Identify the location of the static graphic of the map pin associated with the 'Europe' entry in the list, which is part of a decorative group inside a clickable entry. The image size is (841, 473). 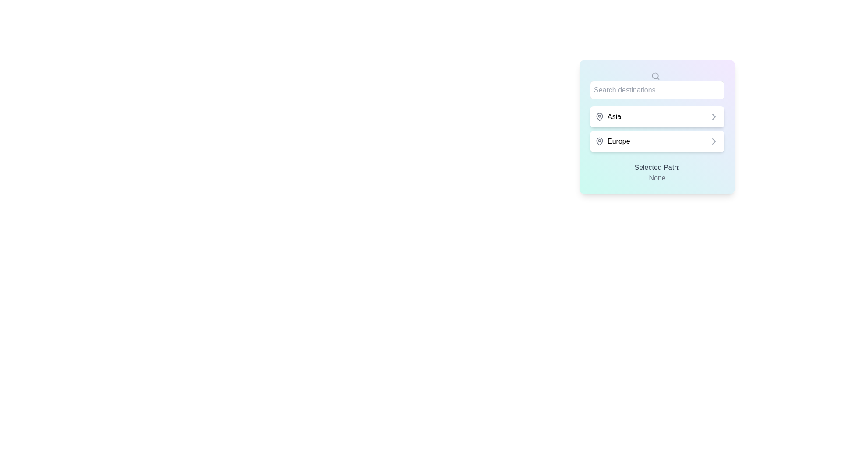
(599, 140).